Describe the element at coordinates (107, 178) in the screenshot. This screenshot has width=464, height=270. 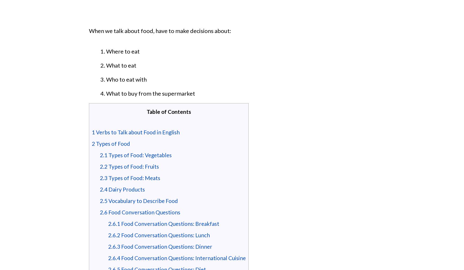
I see `'Types of Food: Meats'` at that location.